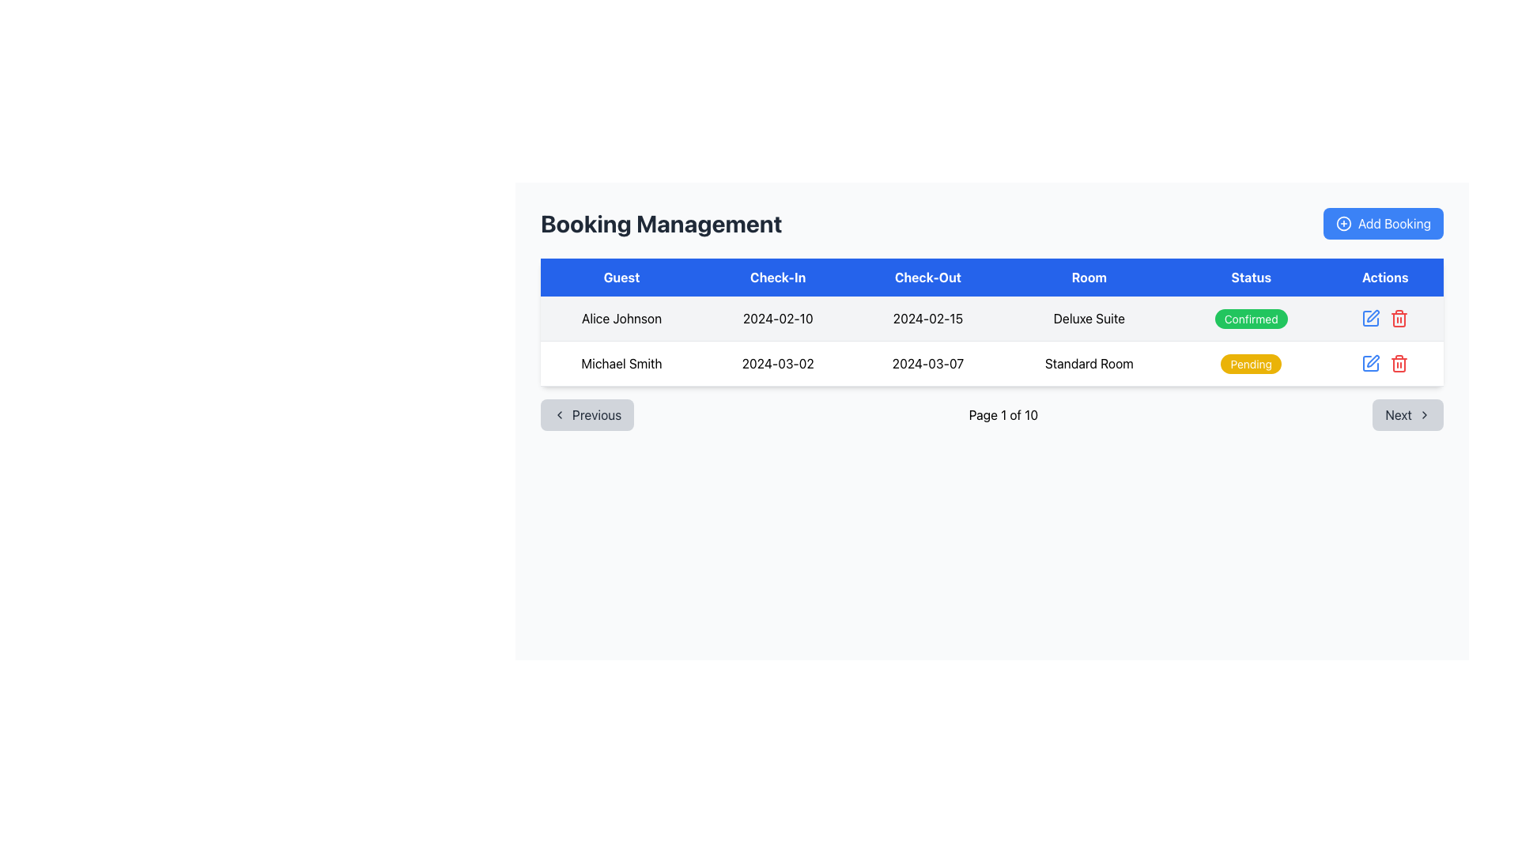 Image resolution: width=1518 pixels, height=854 pixels. What do you see at coordinates (1250, 319) in the screenshot?
I see `the rounded rectangular label with a green background and white text that says 'Confirmed', located in the 'Status' column of the table in the 'Booking Management' interface corresponding to 'Alice Johnson' booking information` at bounding box center [1250, 319].